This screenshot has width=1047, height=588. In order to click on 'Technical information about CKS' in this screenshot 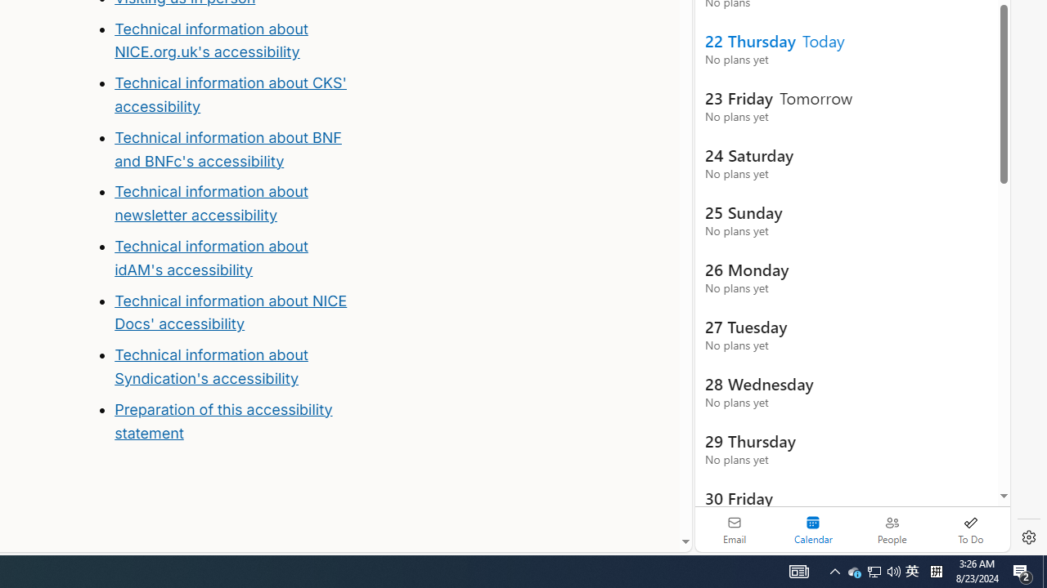, I will do `click(229, 95)`.